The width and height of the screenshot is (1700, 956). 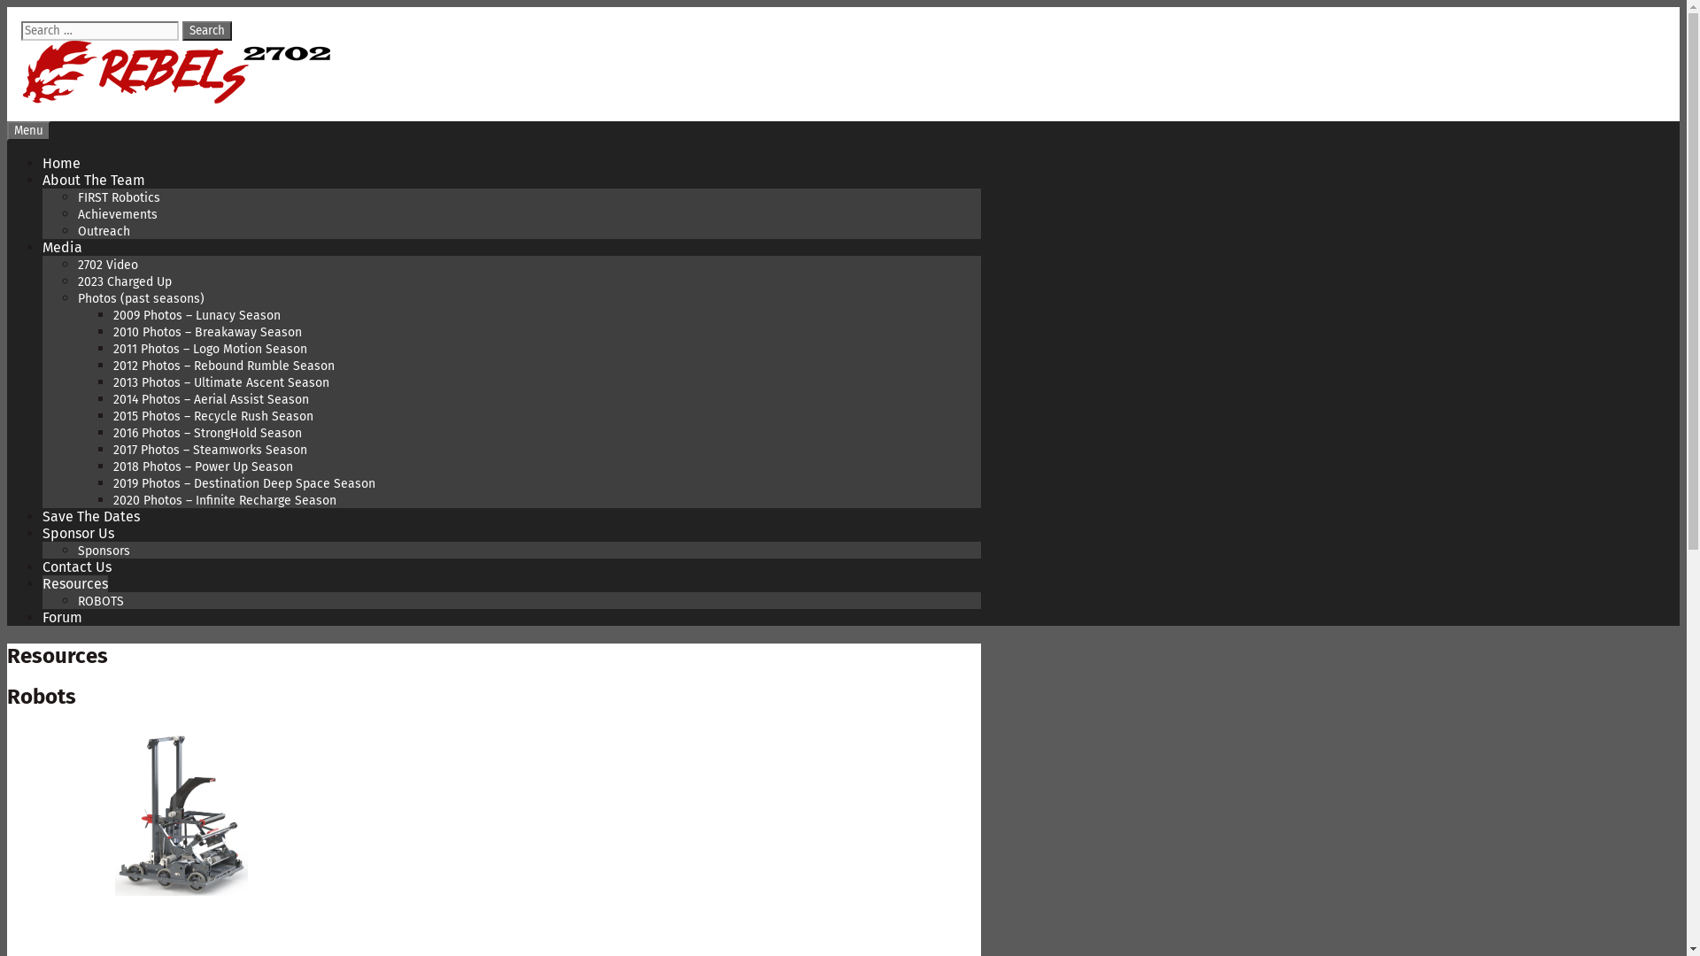 I want to click on 'Achievements', so click(x=117, y=213).